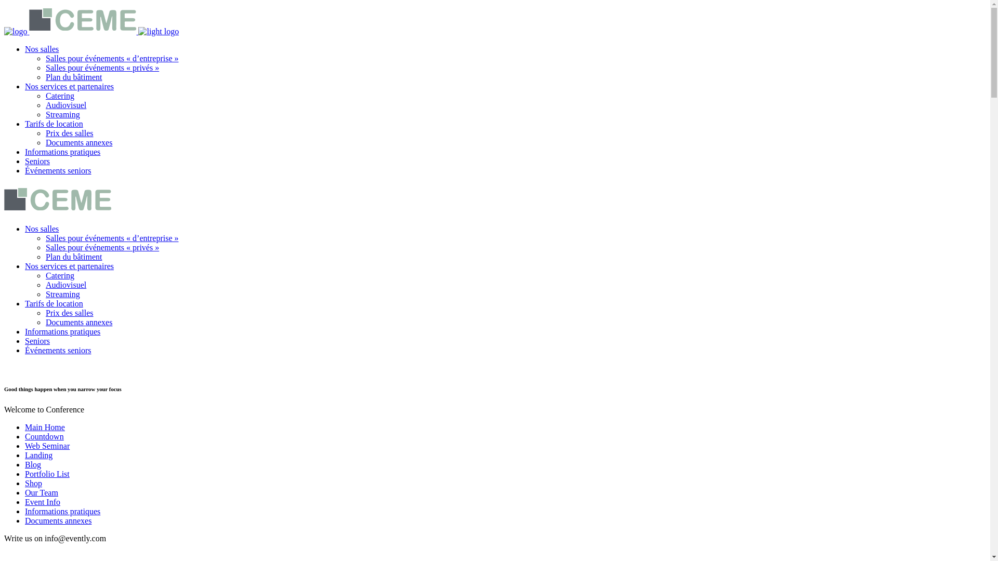  I want to click on 'Prix des salles', so click(69, 132).